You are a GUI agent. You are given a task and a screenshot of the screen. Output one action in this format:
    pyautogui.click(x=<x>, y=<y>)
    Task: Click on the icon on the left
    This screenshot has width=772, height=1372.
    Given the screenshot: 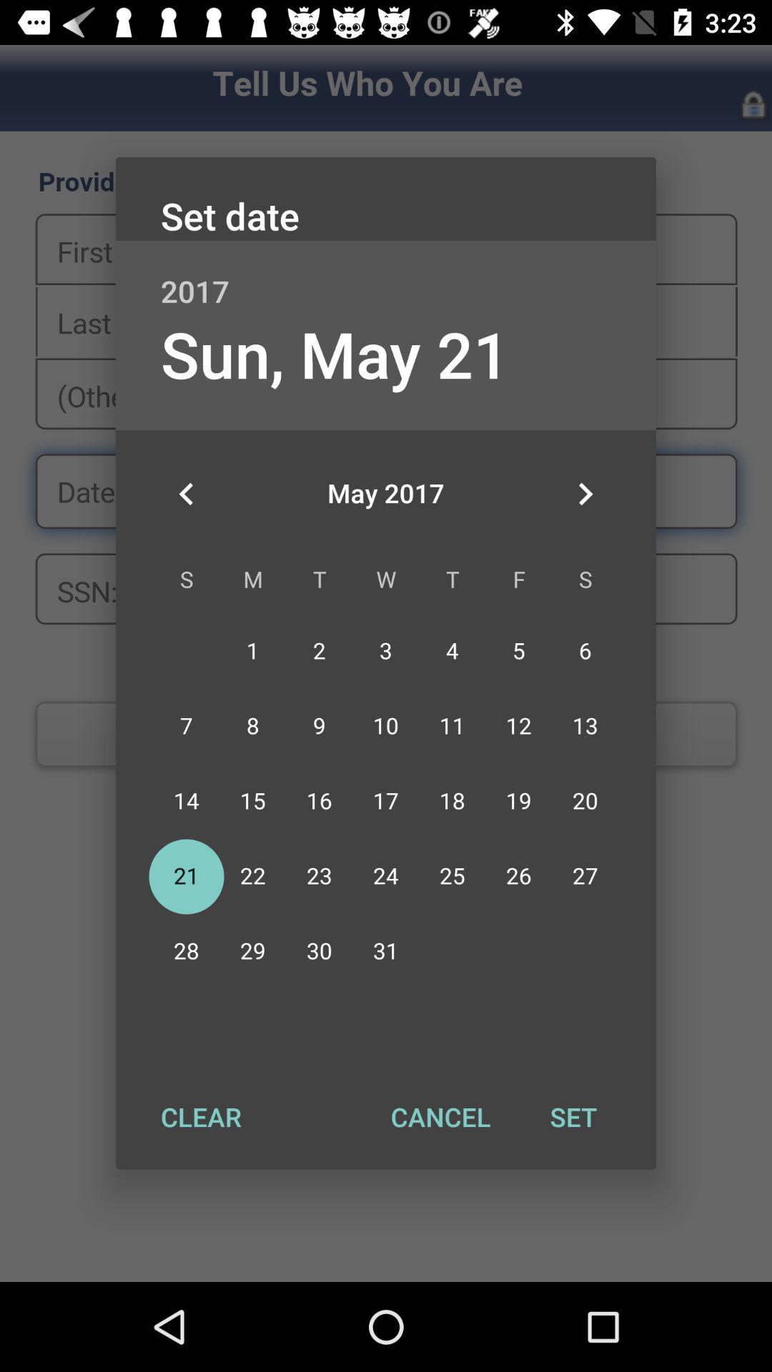 What is the action you would take?
    pyautogui.click(x=186, y=494)
    